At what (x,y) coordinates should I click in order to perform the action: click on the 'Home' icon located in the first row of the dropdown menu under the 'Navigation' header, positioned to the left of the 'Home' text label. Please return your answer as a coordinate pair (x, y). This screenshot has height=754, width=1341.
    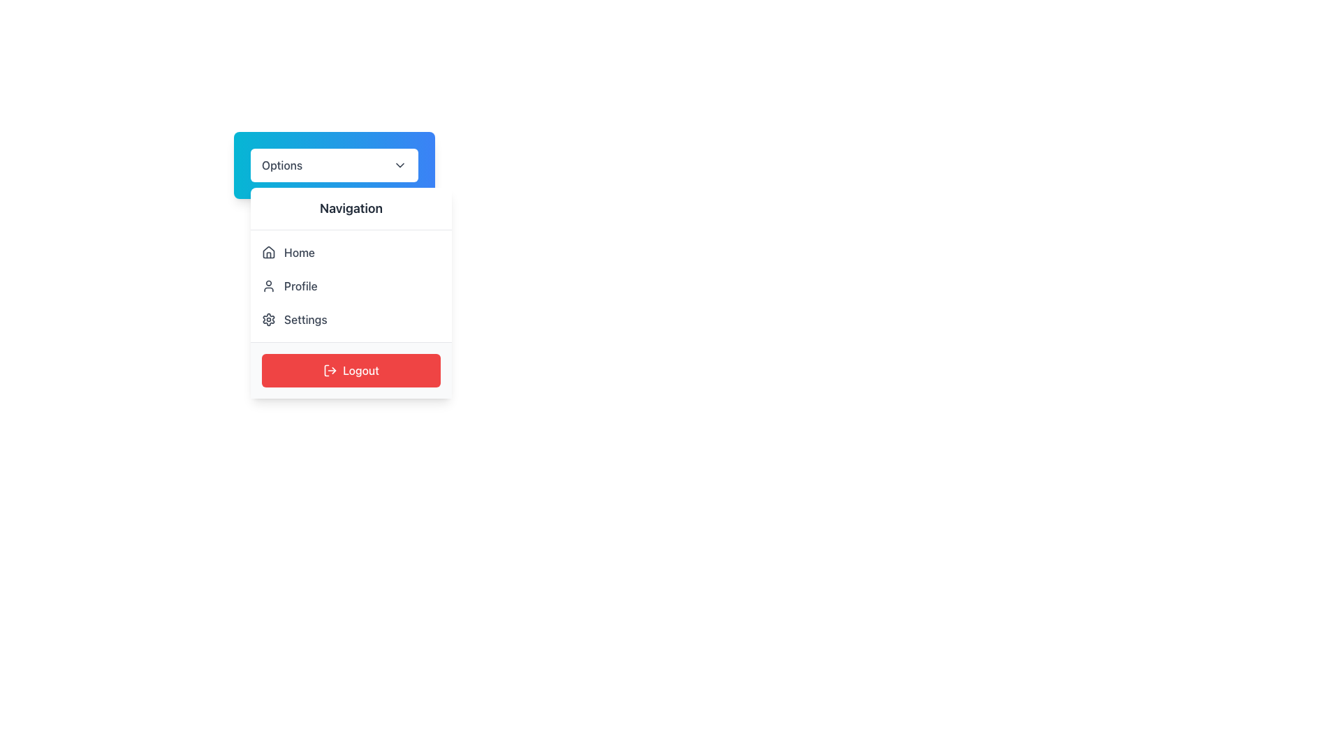
    Looking at the image, I should click on (268, 253).